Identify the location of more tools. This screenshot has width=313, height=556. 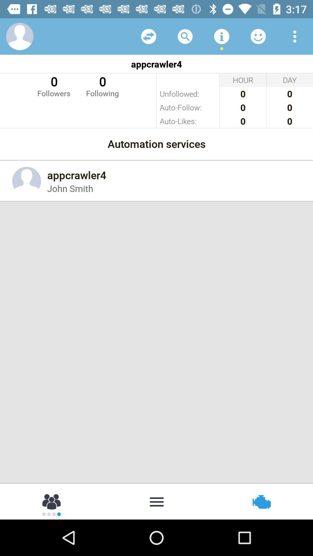
(221, 36).